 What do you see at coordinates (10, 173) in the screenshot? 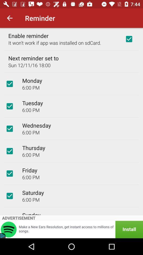
I see `item` at bounding box center [10, 173].